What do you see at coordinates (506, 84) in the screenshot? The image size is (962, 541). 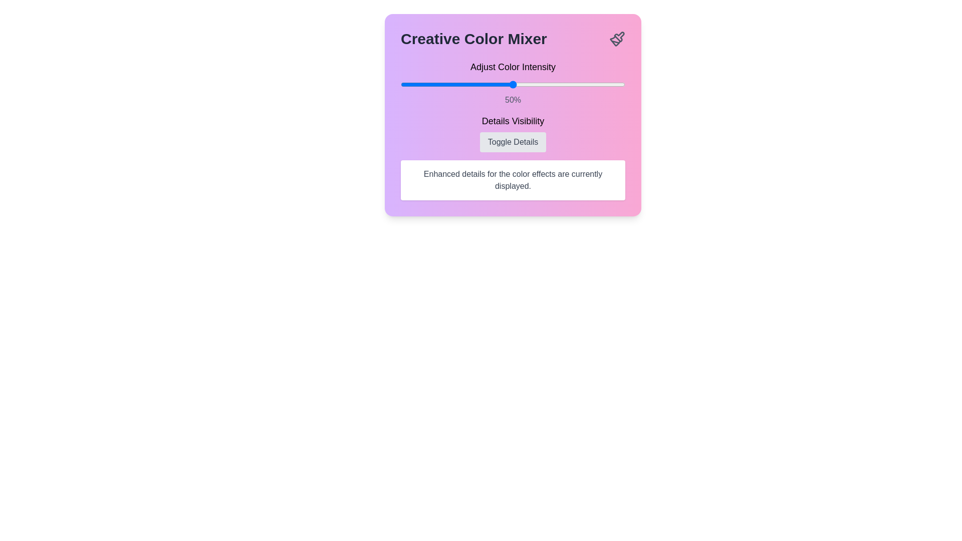 I see `the color intensity` at bounding box center [506, 84].